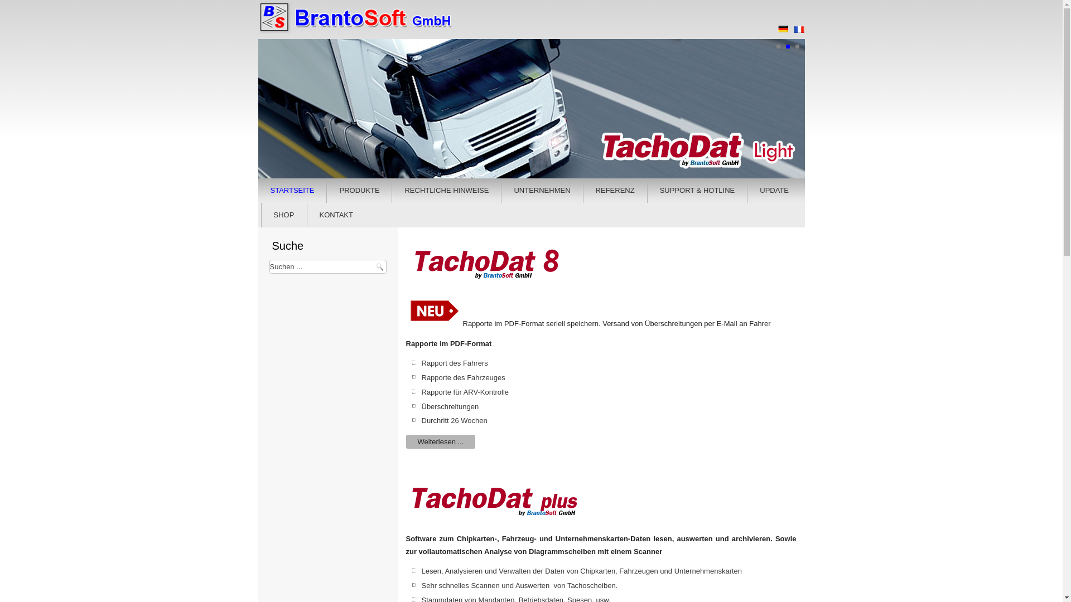  Describe the element at coordinates (615, 190) in the screenshot. I see `'REFERENZ'` at that location.